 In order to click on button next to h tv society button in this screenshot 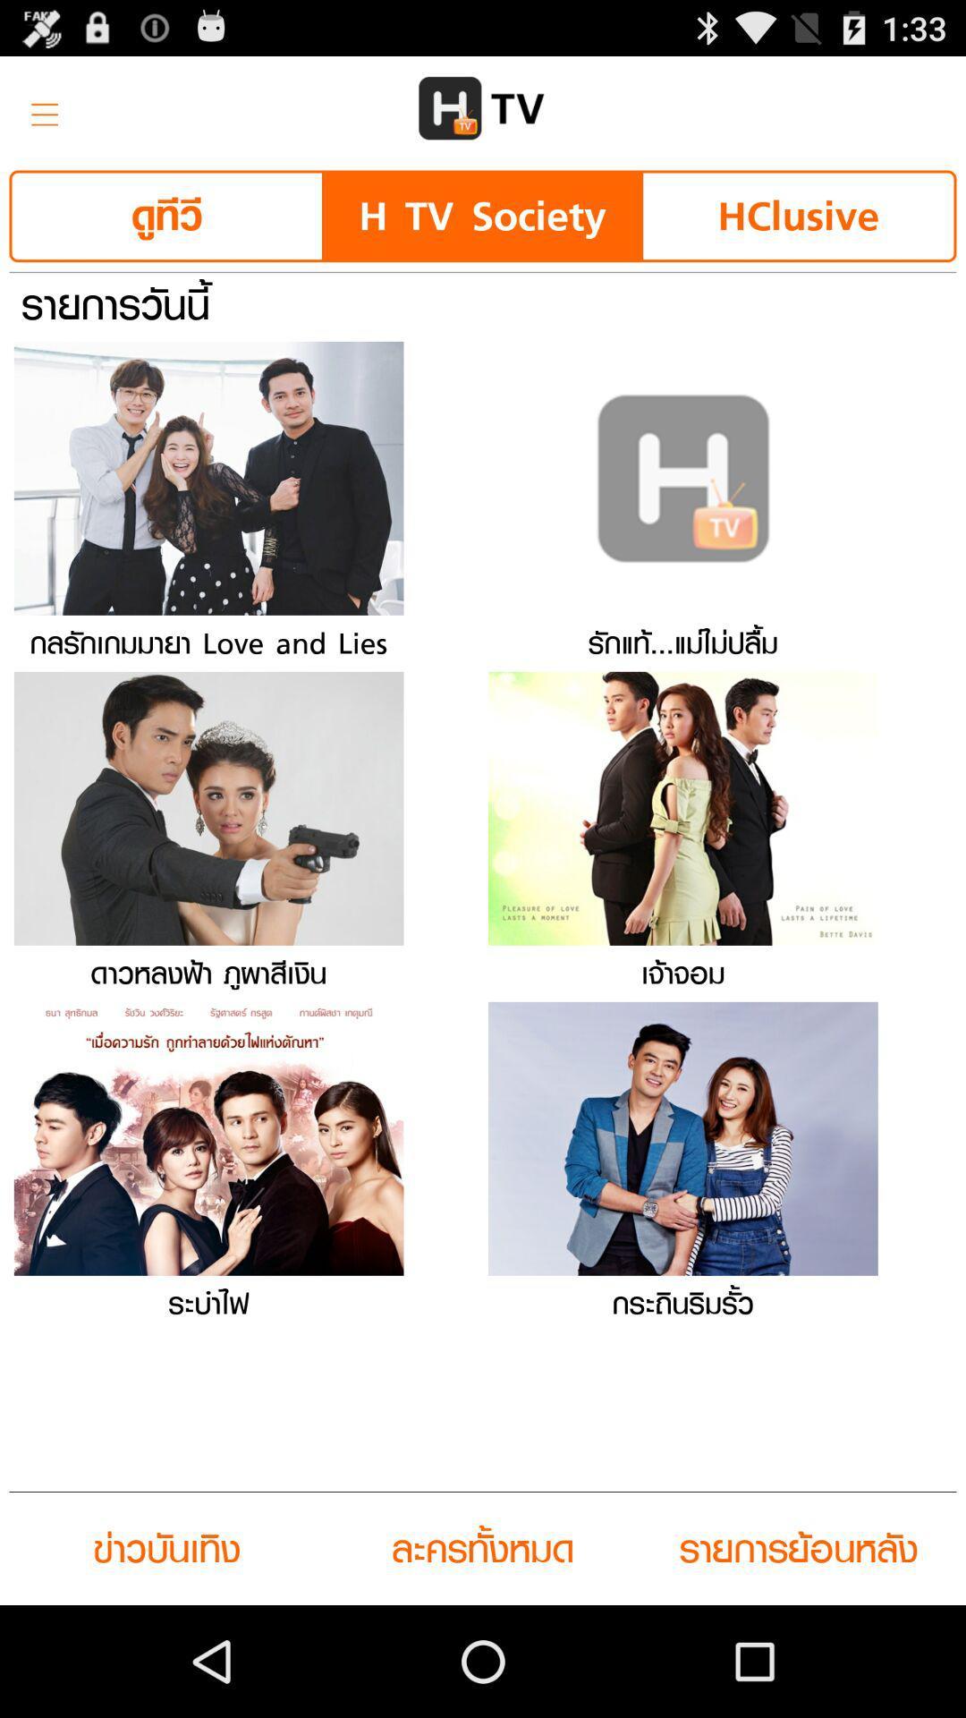, I will do `click(166, 215)`.